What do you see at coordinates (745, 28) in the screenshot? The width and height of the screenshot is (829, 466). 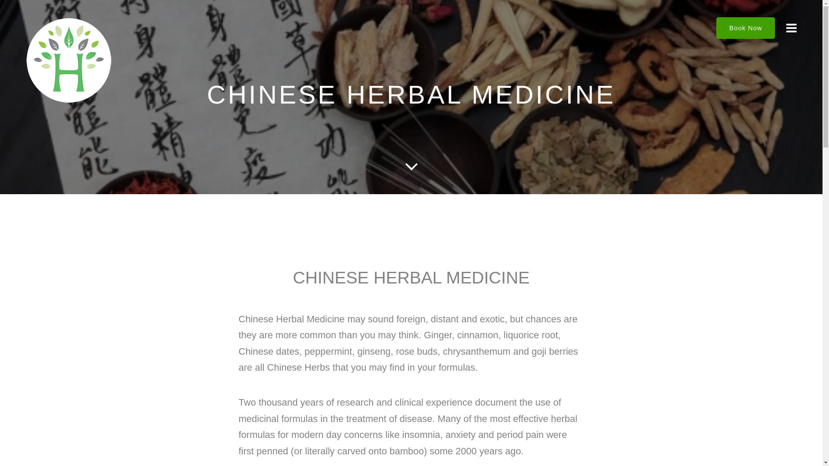 I see `'Book Now'` at bounding box center [745, 28].